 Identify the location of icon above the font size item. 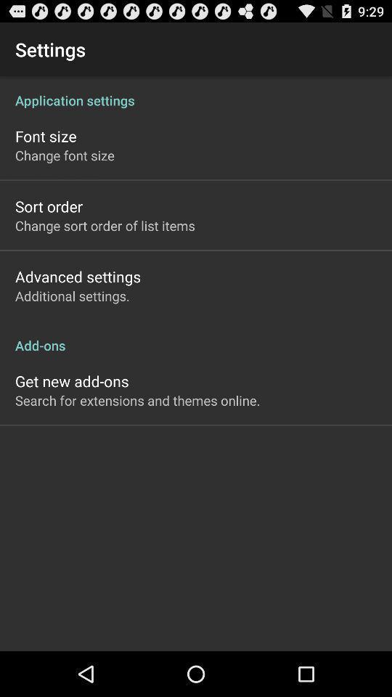
(196, 91).